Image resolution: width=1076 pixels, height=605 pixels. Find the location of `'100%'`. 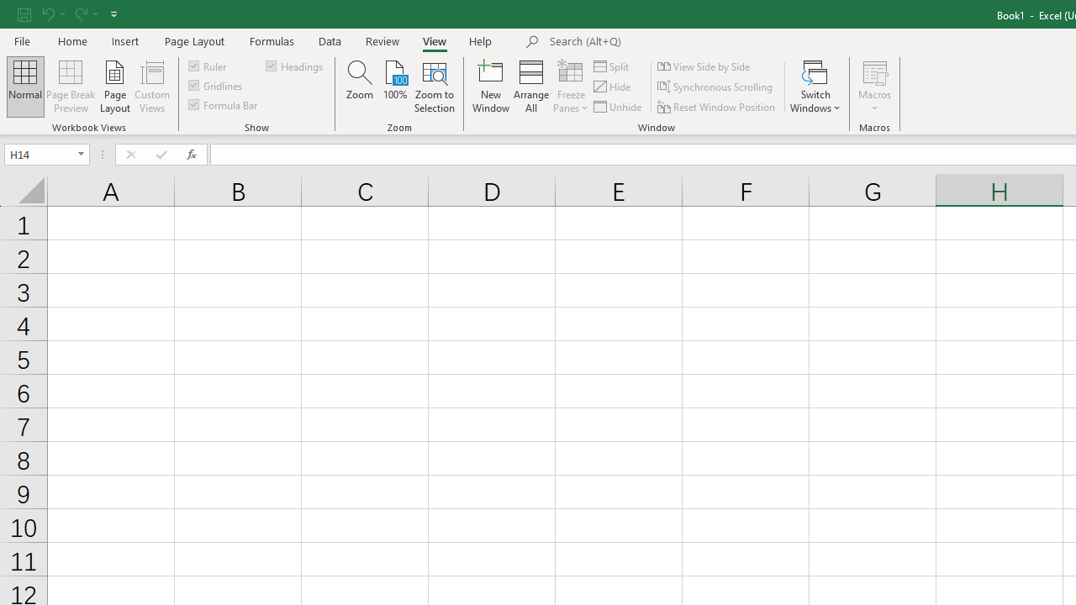

'100%' is located at coordinates (394, 87).